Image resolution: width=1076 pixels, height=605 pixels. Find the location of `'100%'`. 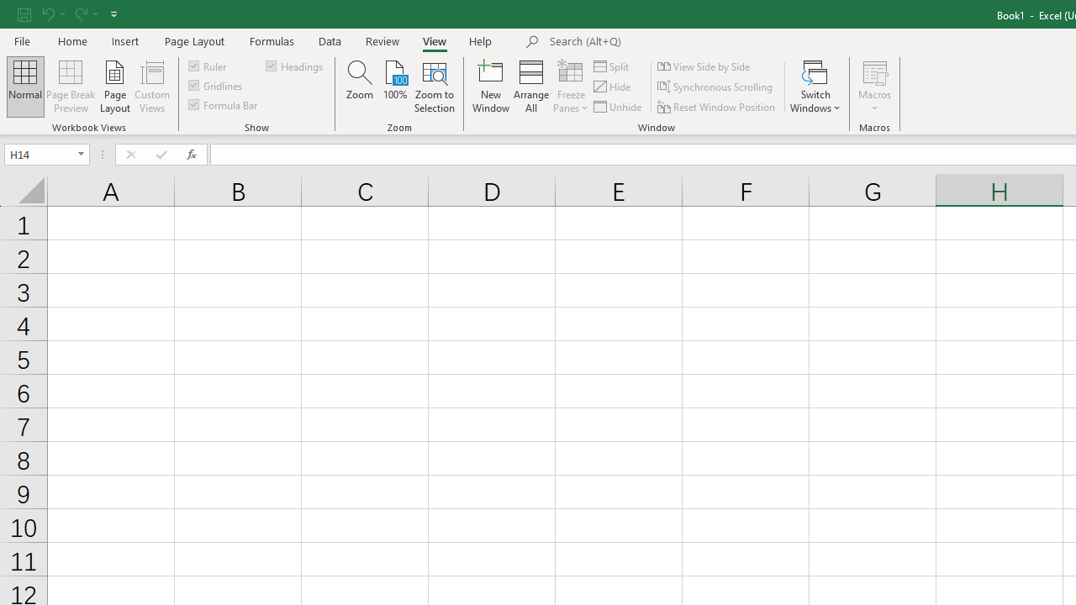

'100%' is located at coordinates (394, 87).